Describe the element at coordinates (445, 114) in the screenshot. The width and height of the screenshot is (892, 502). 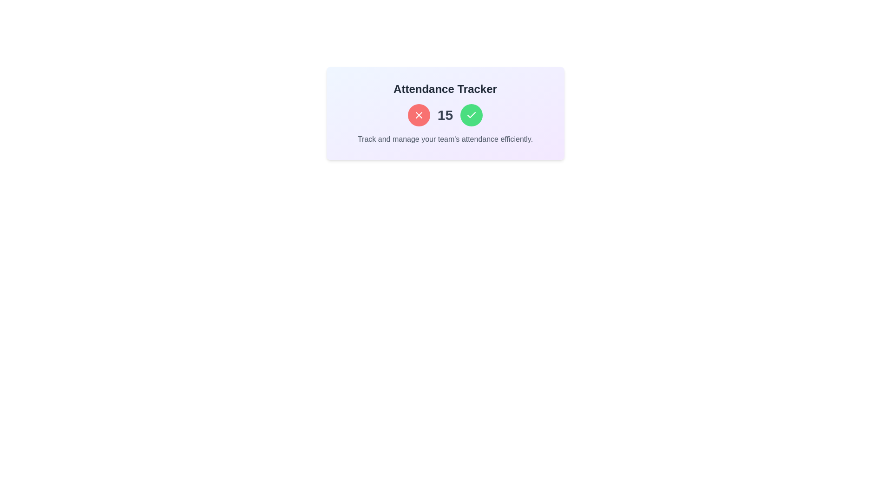
I see `the number '15' displayed in bold, dark gray text, which is centrally positioned in the 'Attendance Tracker' box, surrounded by circular buttons` at that location.